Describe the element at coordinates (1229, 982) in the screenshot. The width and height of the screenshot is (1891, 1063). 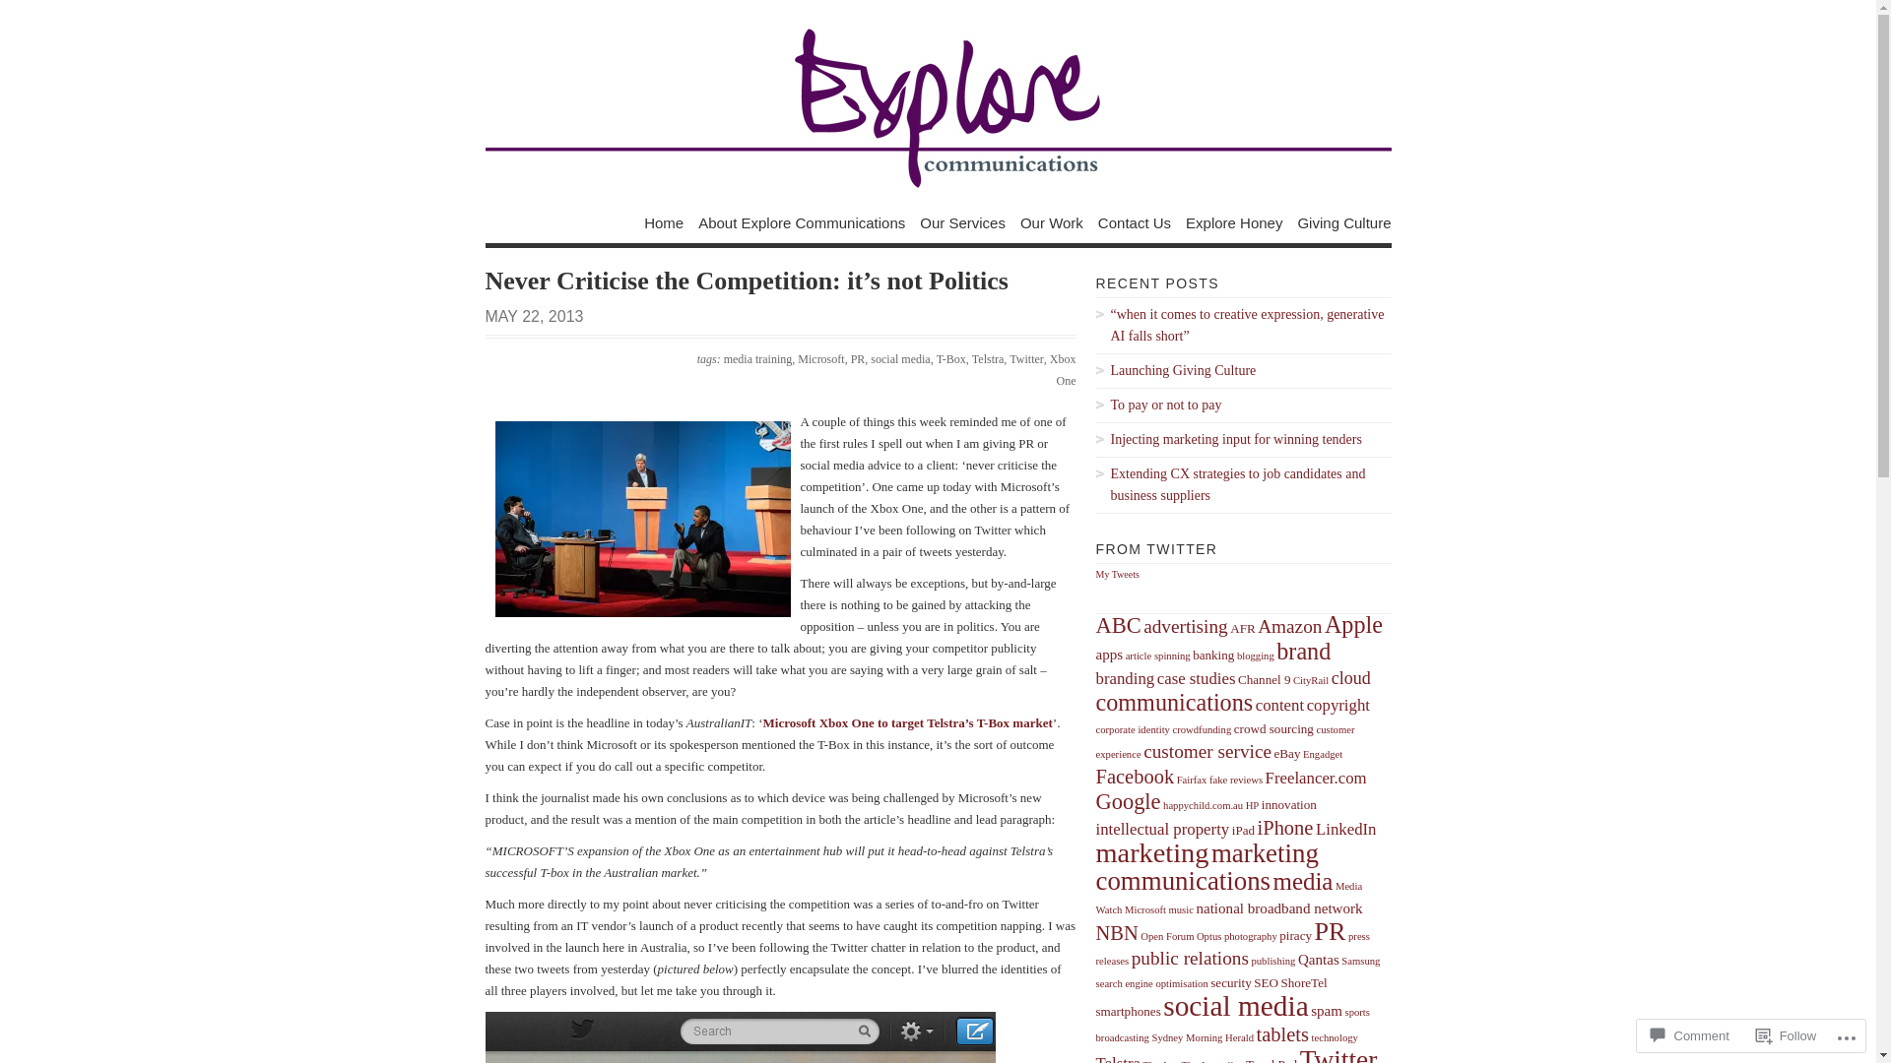
I see `'security'` at that location.